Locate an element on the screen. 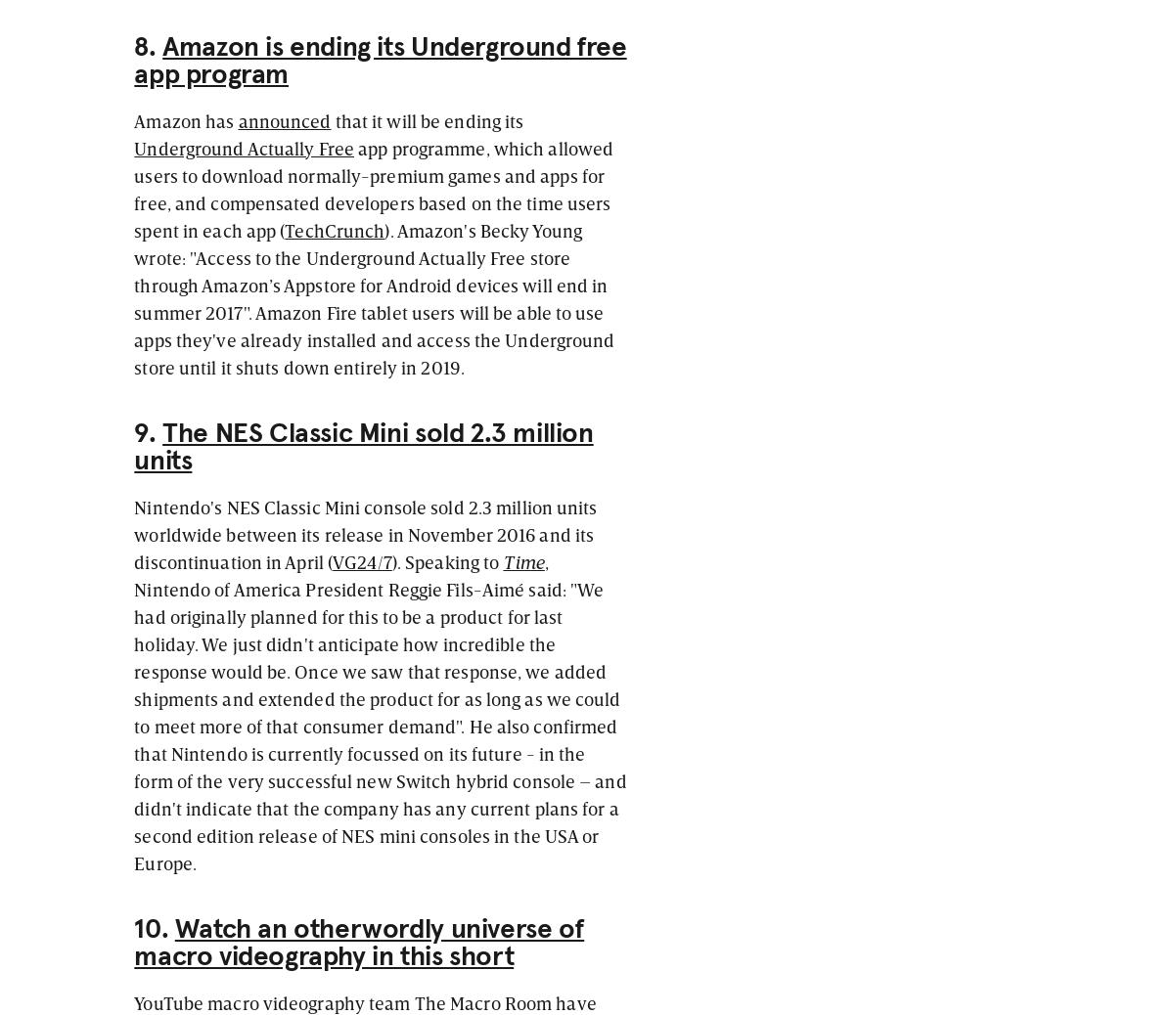  'Amazon is ending its Underground free app program' is located at coordinates (380, 59).